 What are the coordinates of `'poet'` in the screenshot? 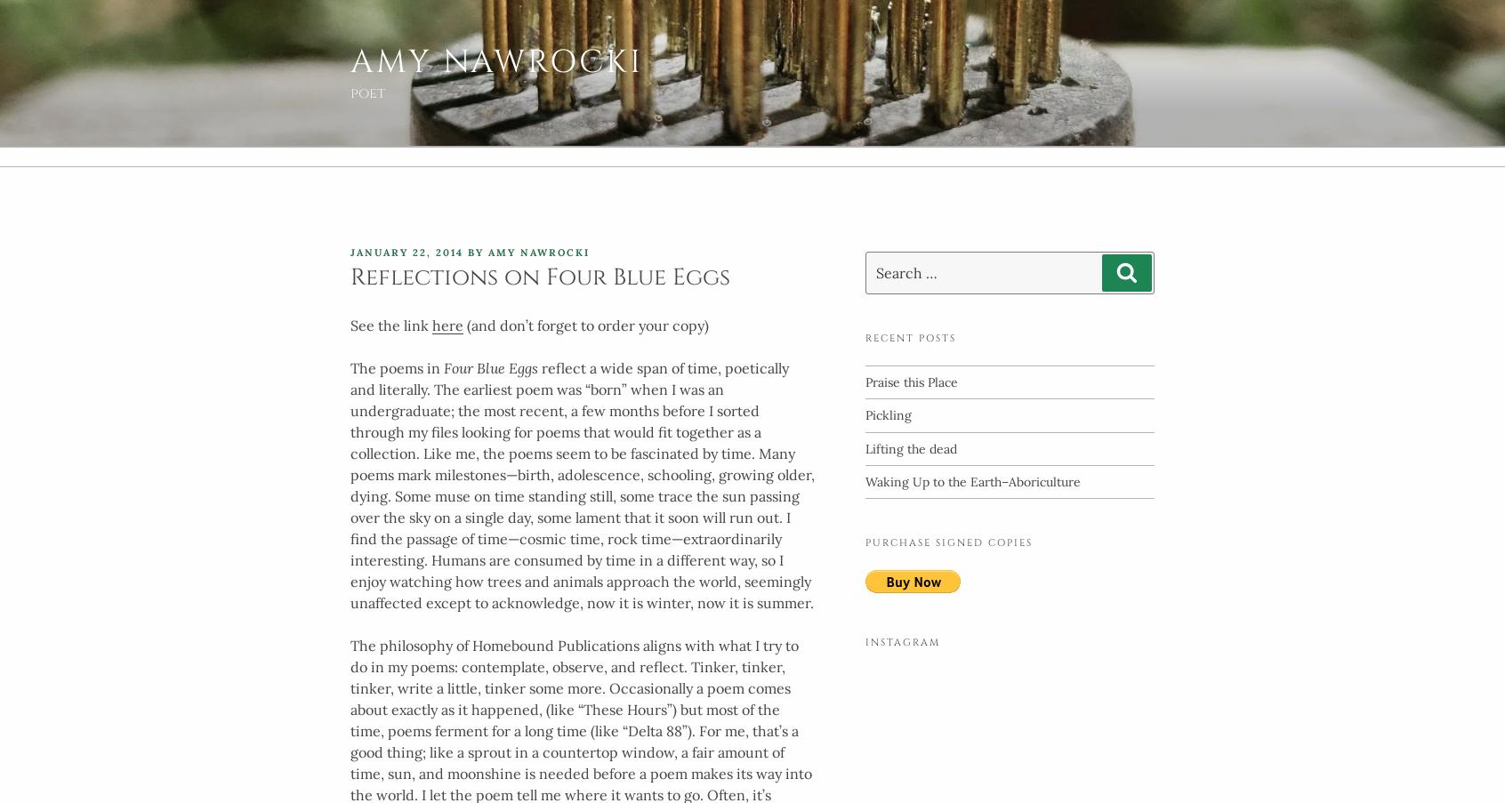 It's located at (350, 93).